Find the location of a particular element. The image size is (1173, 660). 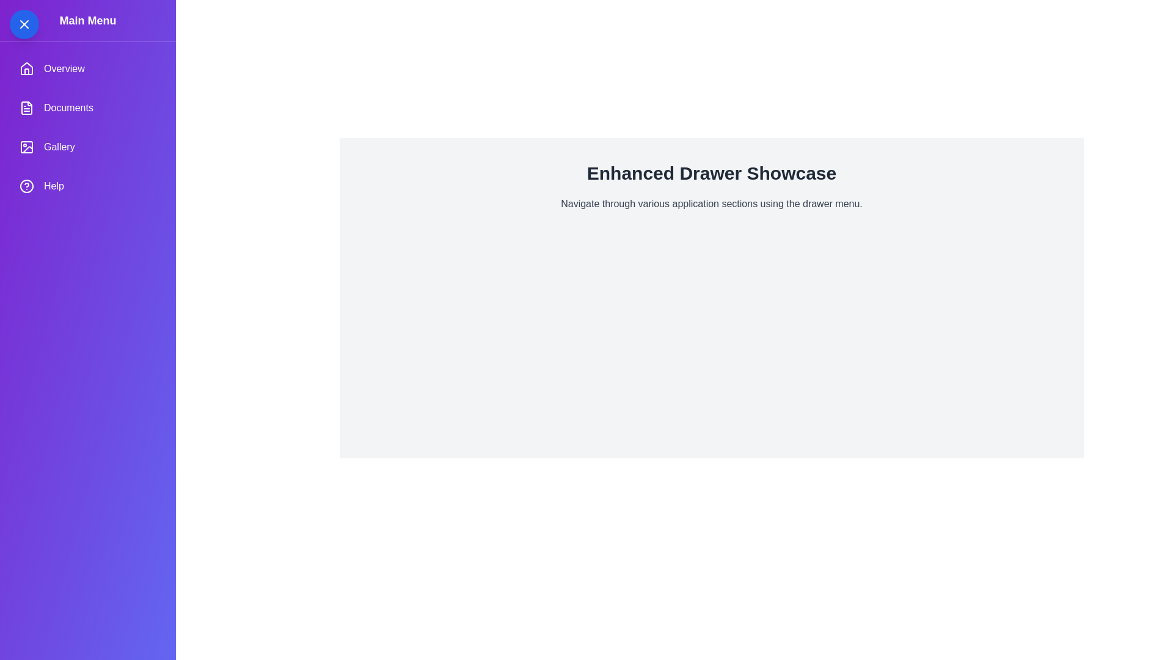

the 'Help' menu item in the drawer is located at coordinates (87, 186).